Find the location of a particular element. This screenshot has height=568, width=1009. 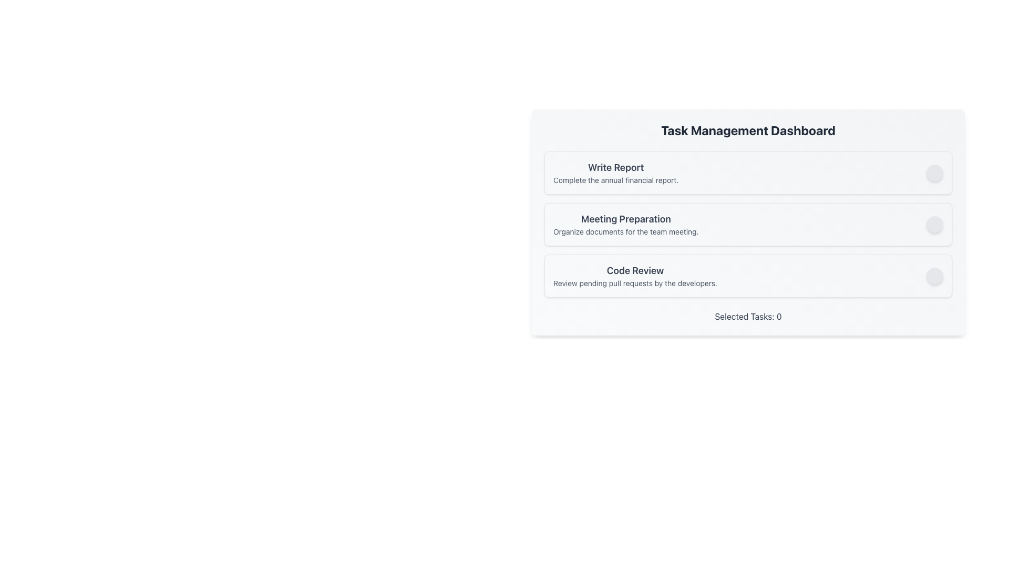

the text within the 'Meeting Preparation' text block located in the second card of the task management interface is located at coordinates (626, 224).